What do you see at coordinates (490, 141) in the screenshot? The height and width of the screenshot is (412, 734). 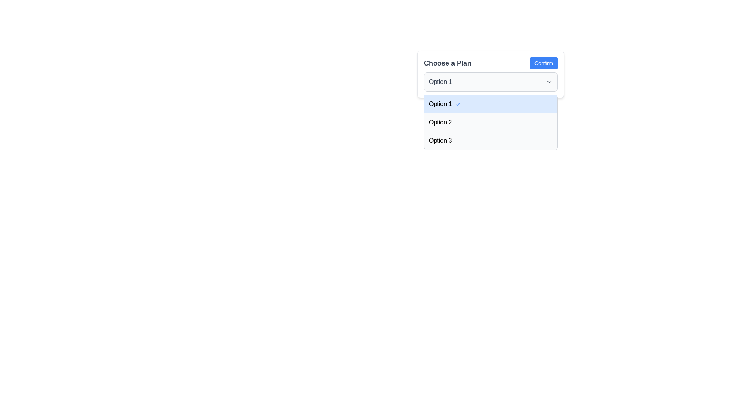 I see `the third selectable option in the dropdown menu labeled 'Option 3'` at bounding box center [490, 141].